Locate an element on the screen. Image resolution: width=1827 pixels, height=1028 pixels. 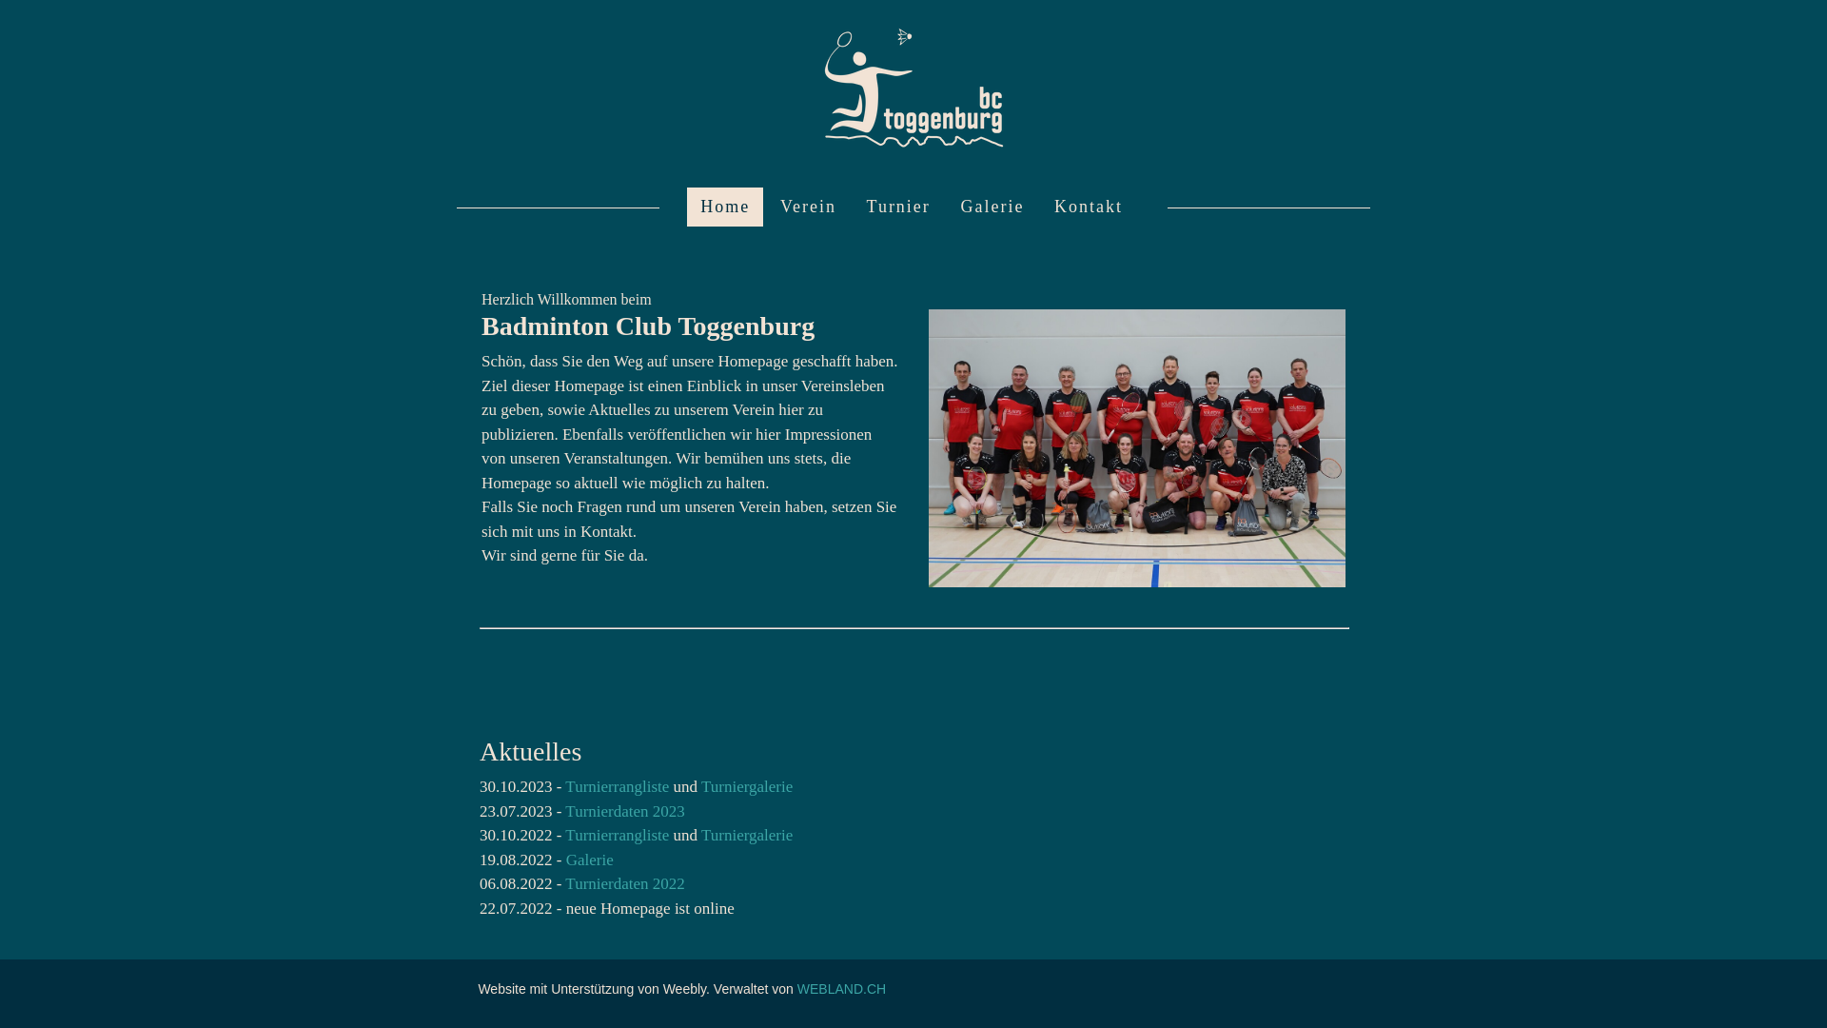
'Turnier' is located at coordinates (897, 207).